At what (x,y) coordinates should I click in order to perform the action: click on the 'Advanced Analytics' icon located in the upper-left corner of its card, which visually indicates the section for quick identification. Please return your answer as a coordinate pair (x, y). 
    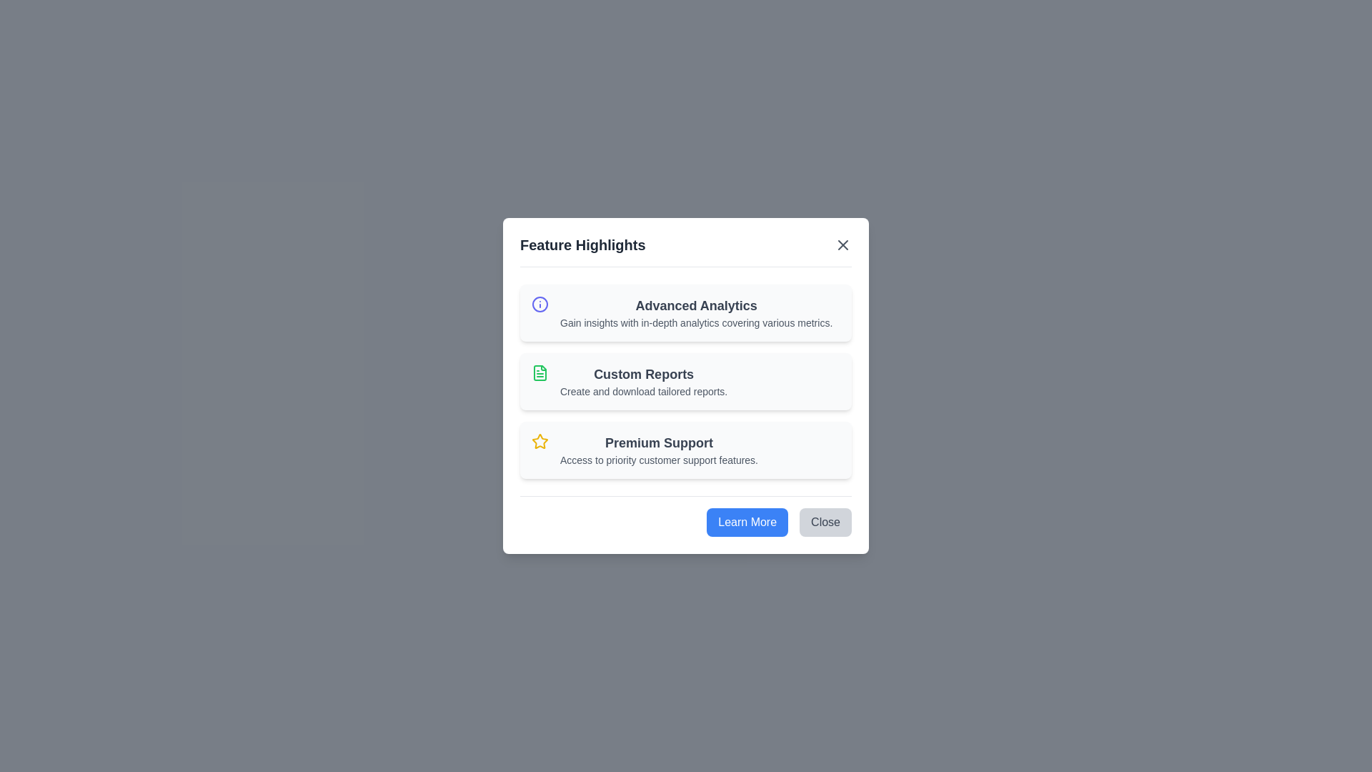
    Looking at the image, I should click on (539, 303).